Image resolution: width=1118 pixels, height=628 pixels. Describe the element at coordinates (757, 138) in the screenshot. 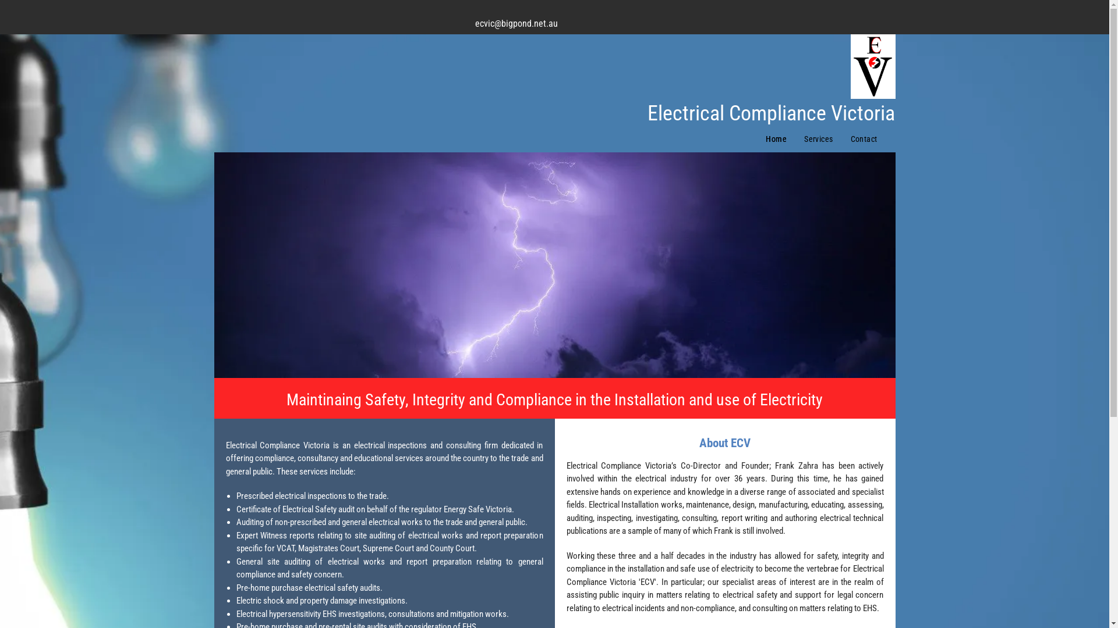

I see `'Home'` at that location.